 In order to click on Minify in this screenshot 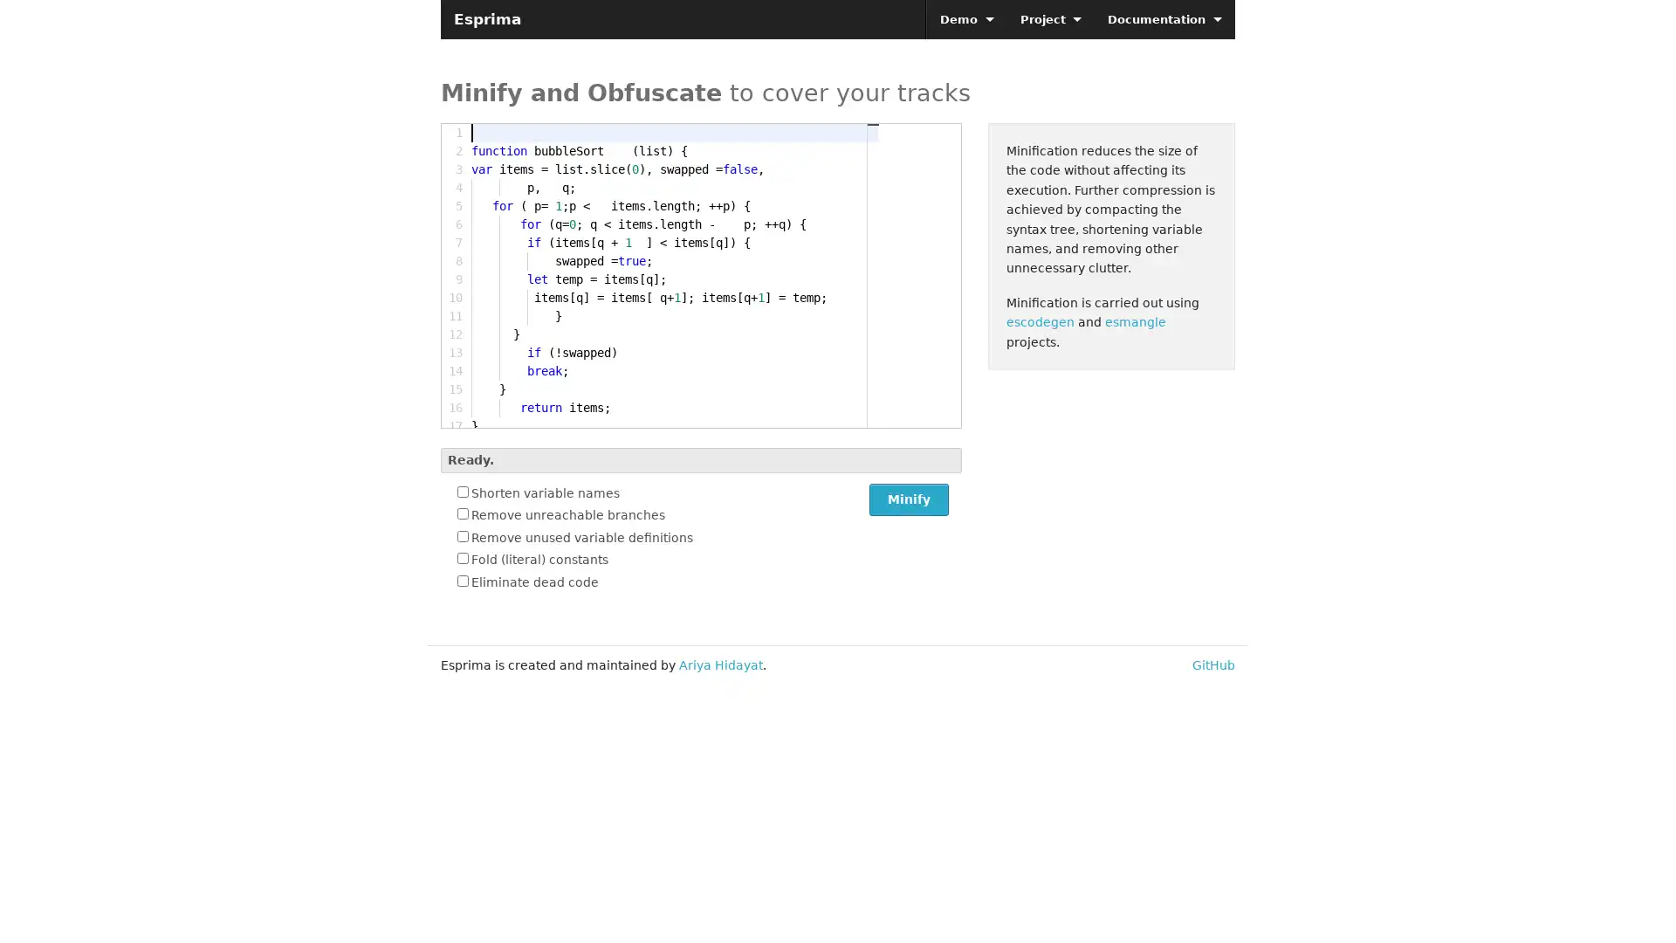, I will do `click(908, 499)`.